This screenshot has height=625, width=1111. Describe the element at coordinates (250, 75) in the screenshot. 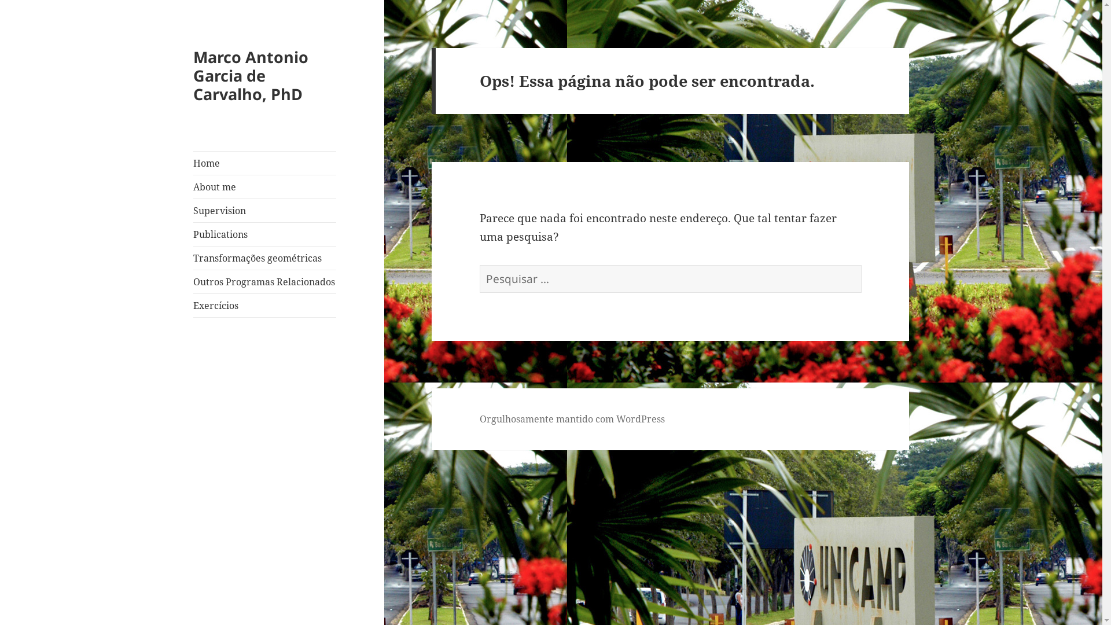

I see `'Marco Antonio Garcia de Carvalho, PhD'` at that location.